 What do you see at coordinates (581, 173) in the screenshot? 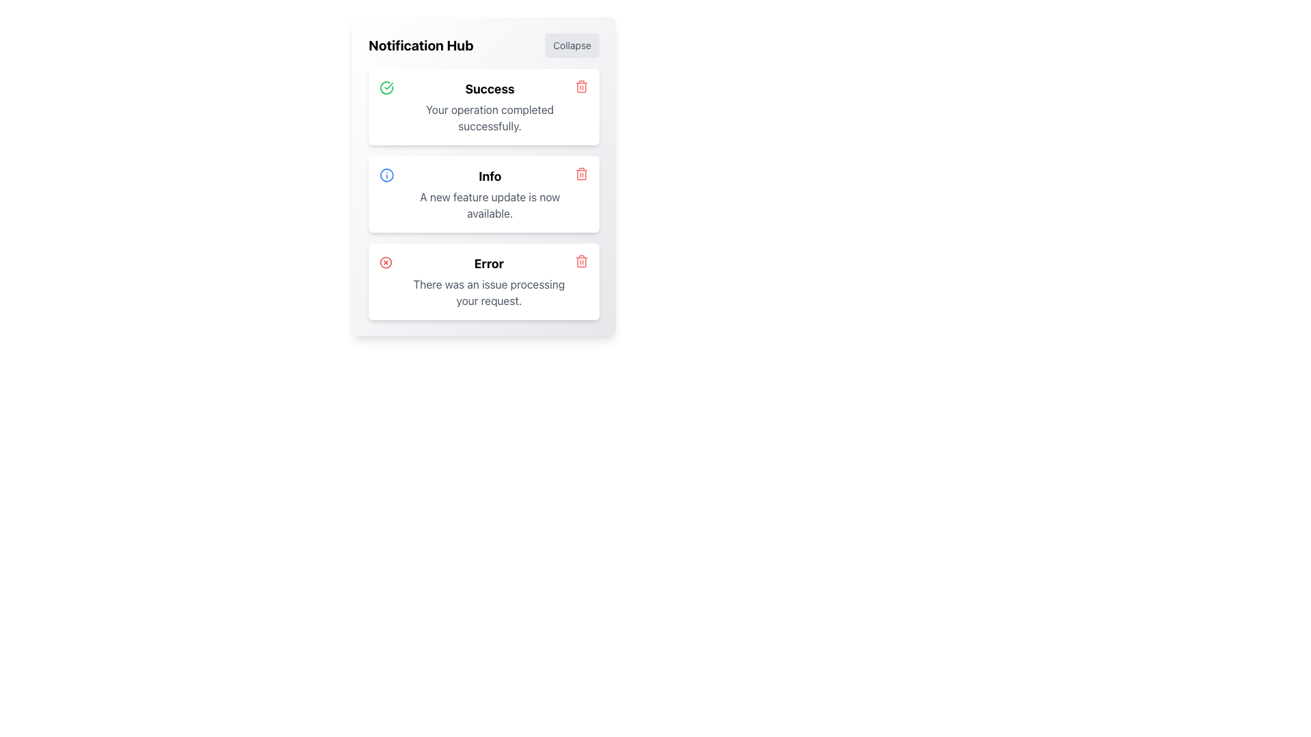
I see `the delete button located in the top-right corner of the notification card labeled 'Info'` at bounding box center [581, 173].